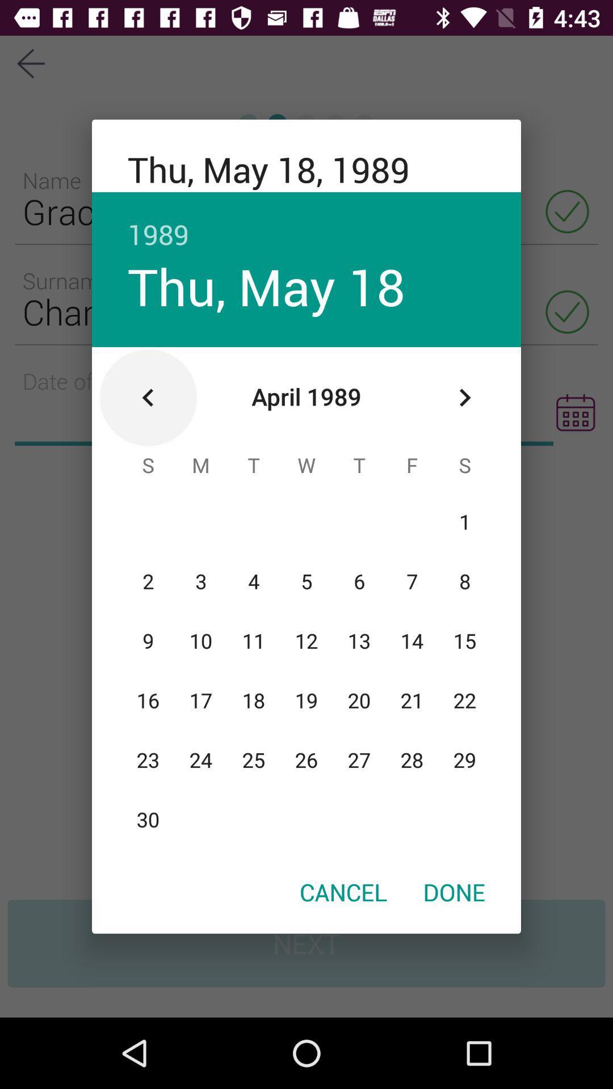 This screenshot has width=613, height=1089. Describe the element at coordinates (464, 398) in the screenshot. I see `the icon on the right` at that location.